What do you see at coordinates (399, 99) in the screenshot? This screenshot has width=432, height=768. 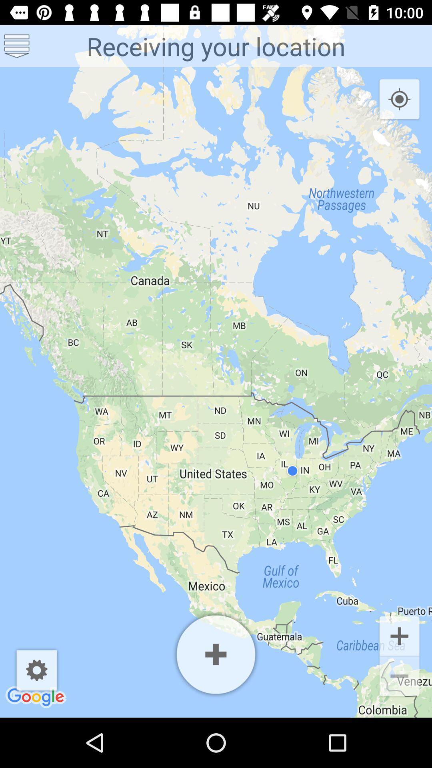 I see `the location_crosshair icon` at bounding box center [399, 99].